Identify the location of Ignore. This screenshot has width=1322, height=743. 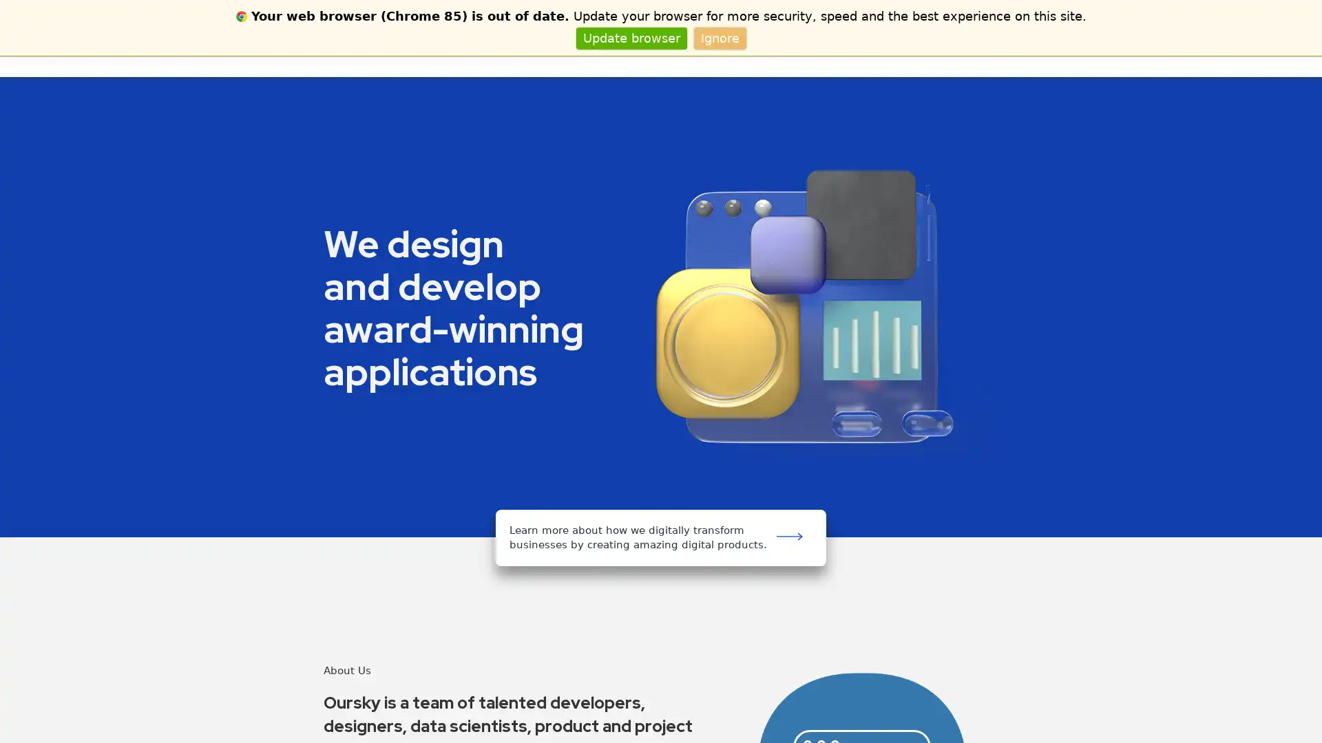
(719, 37).